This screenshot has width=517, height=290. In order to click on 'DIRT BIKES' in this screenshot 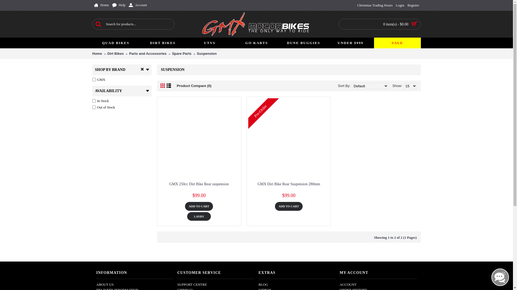, I will do `click(162, 42)`.